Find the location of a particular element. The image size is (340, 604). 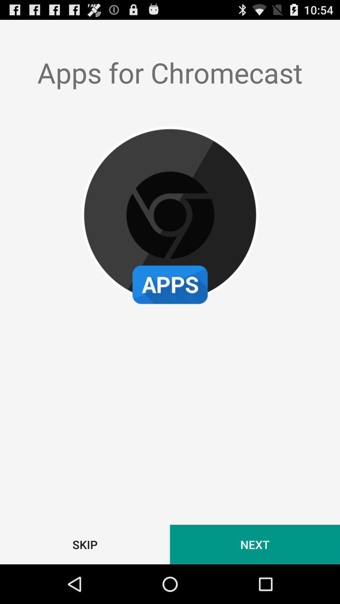

the skip item is located at coordinates (85, 544).